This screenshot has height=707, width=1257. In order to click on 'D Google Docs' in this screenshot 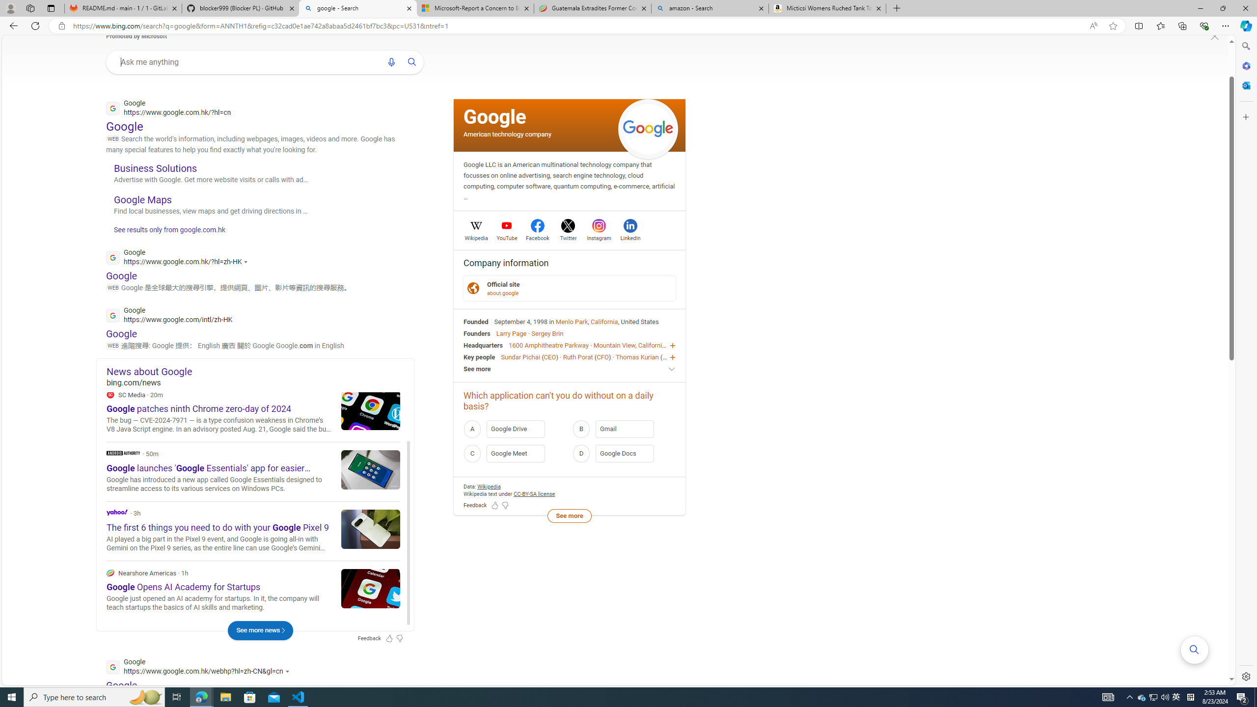, I will do `click(624, 453)`.